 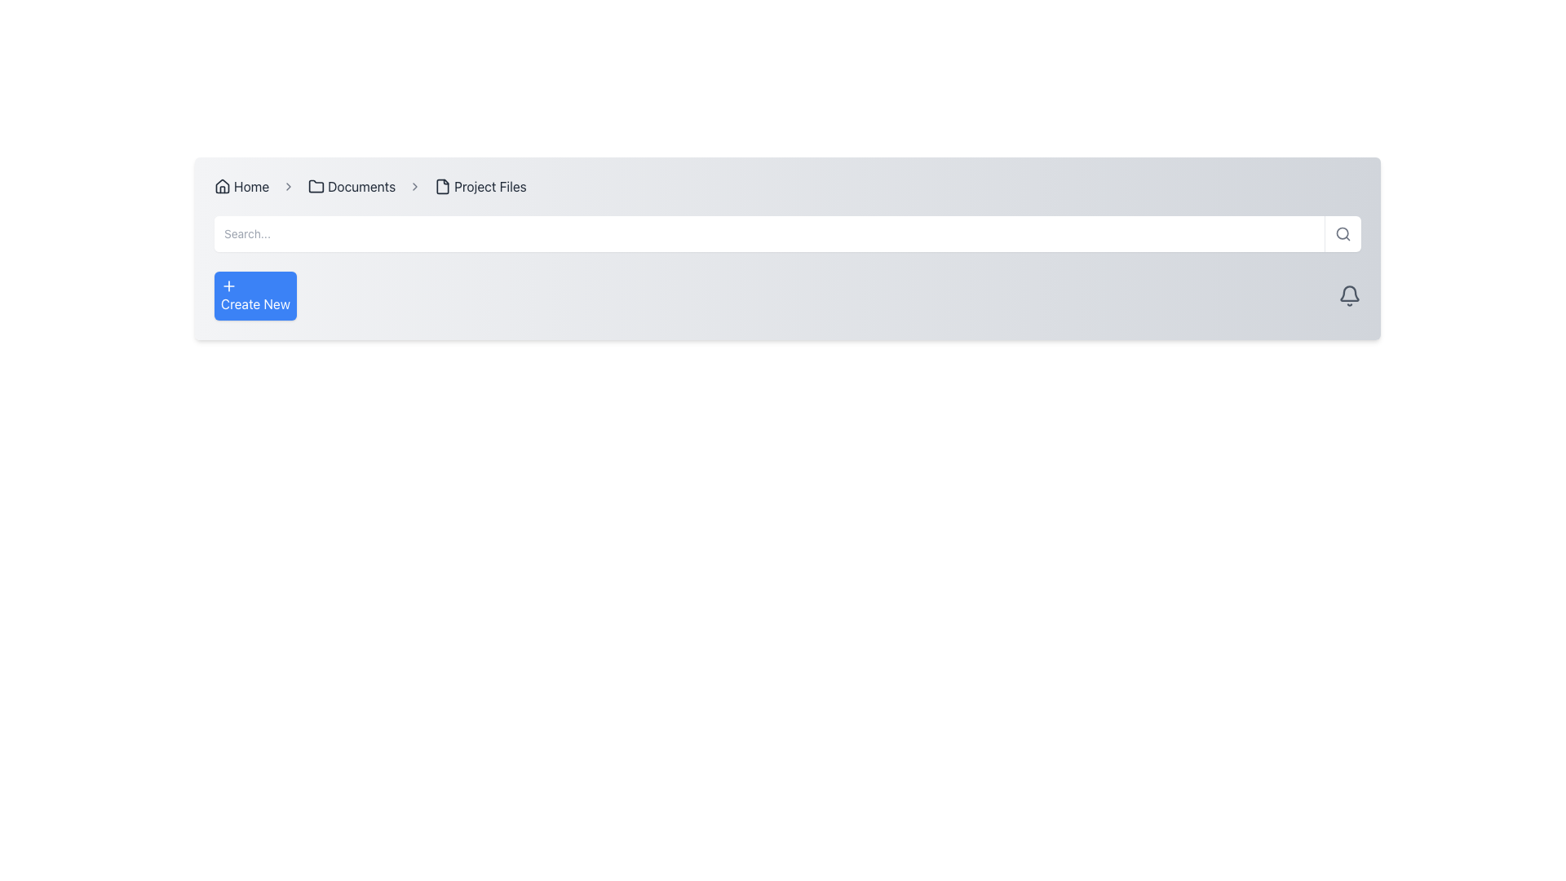 What do you see at coordinates (351, 185) in the screenshot?
I see `the 'Documents' breadcrumb navigational link, which consists of a folder icon and text styled in a dark font, located in the breadcrumb navigation between 'Home' and 'Project Files'` at bounding box center [351, 185].